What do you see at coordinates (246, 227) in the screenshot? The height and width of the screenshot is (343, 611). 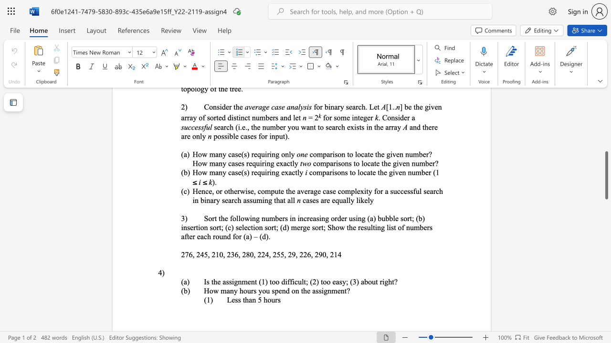 I see `the 8th character "e" in the text` at bounding box center [246, 227].